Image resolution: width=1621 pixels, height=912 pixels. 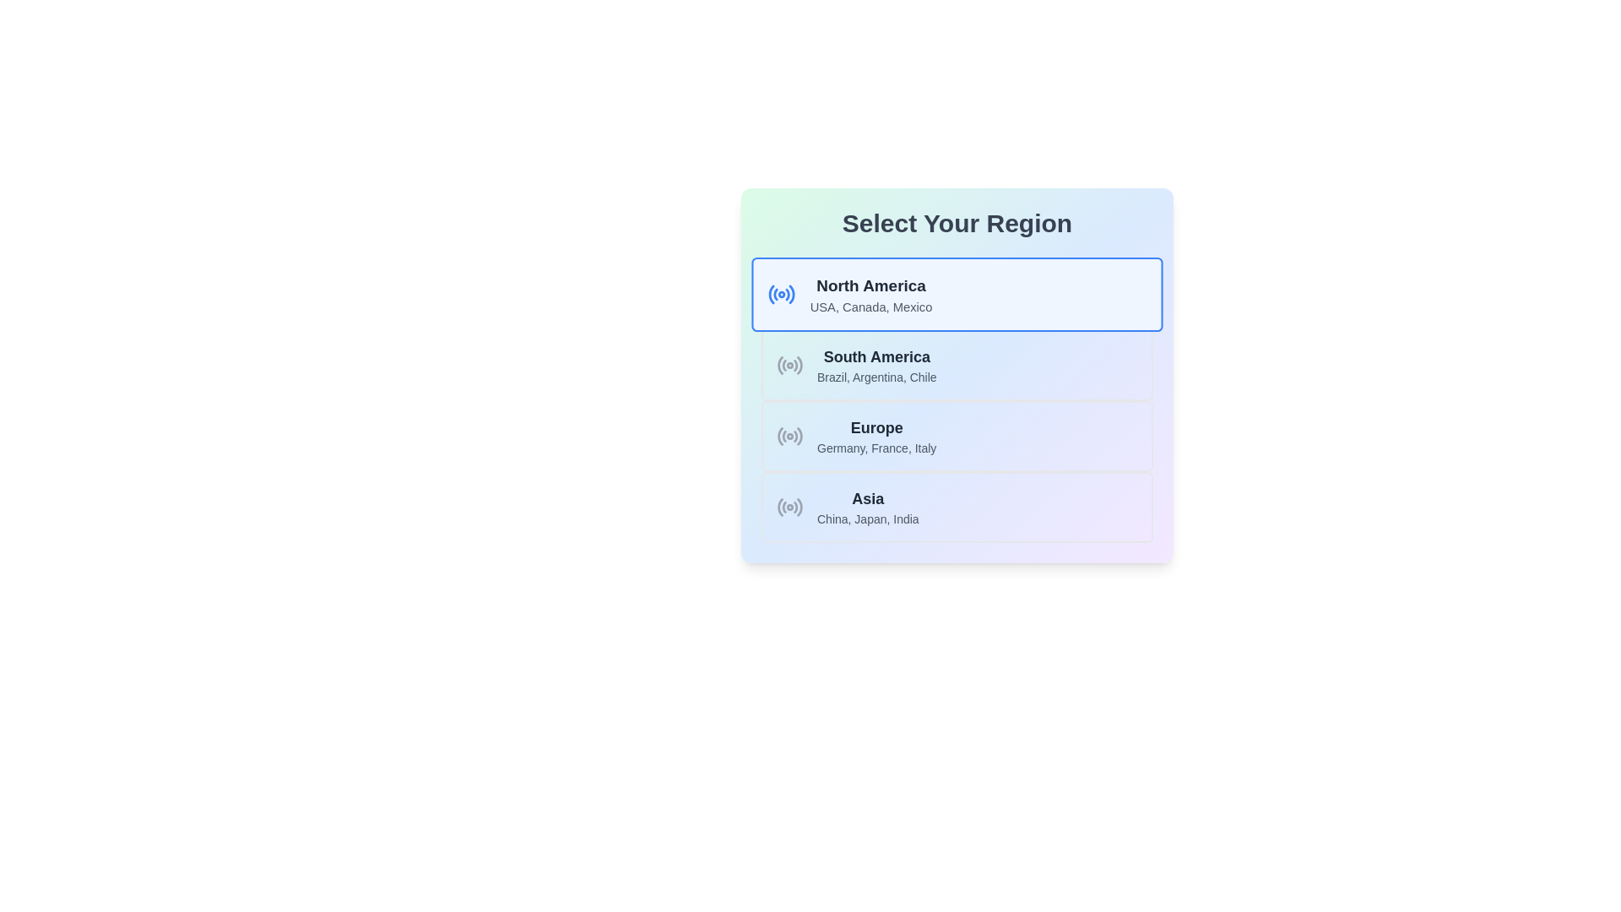 What do you see at coordinates (868, 497) in the screenshot?
I see `label 'Asia' in the 'Select Your Region' panel, which is the first line of text indicating a selectable region` at bounding box center [868, 497].